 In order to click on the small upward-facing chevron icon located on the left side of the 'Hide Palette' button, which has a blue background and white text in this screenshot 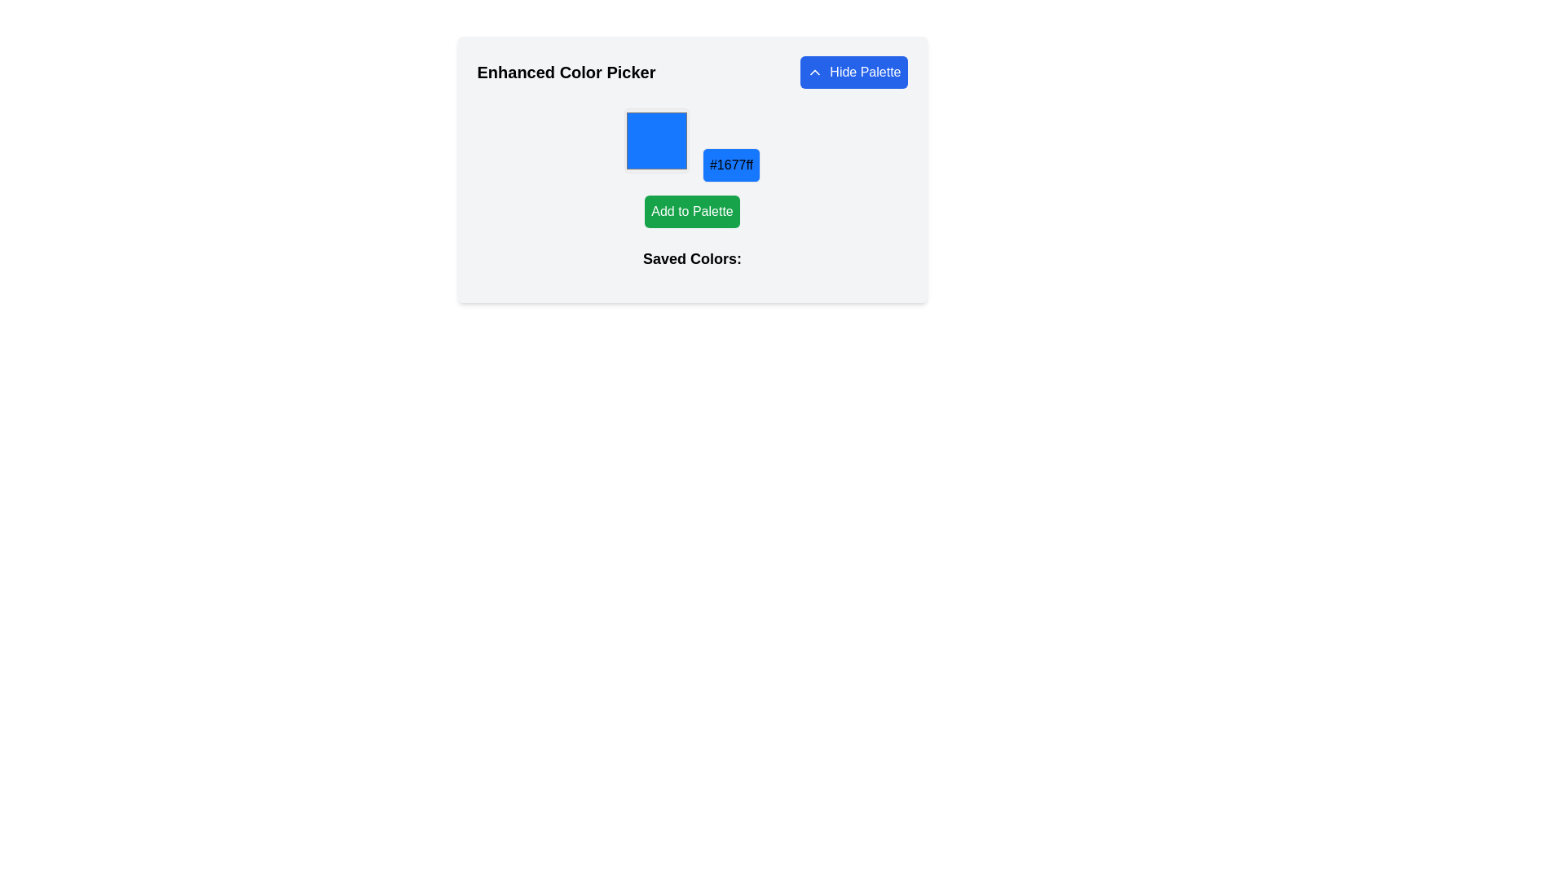, I will do `click(815, 71)`.